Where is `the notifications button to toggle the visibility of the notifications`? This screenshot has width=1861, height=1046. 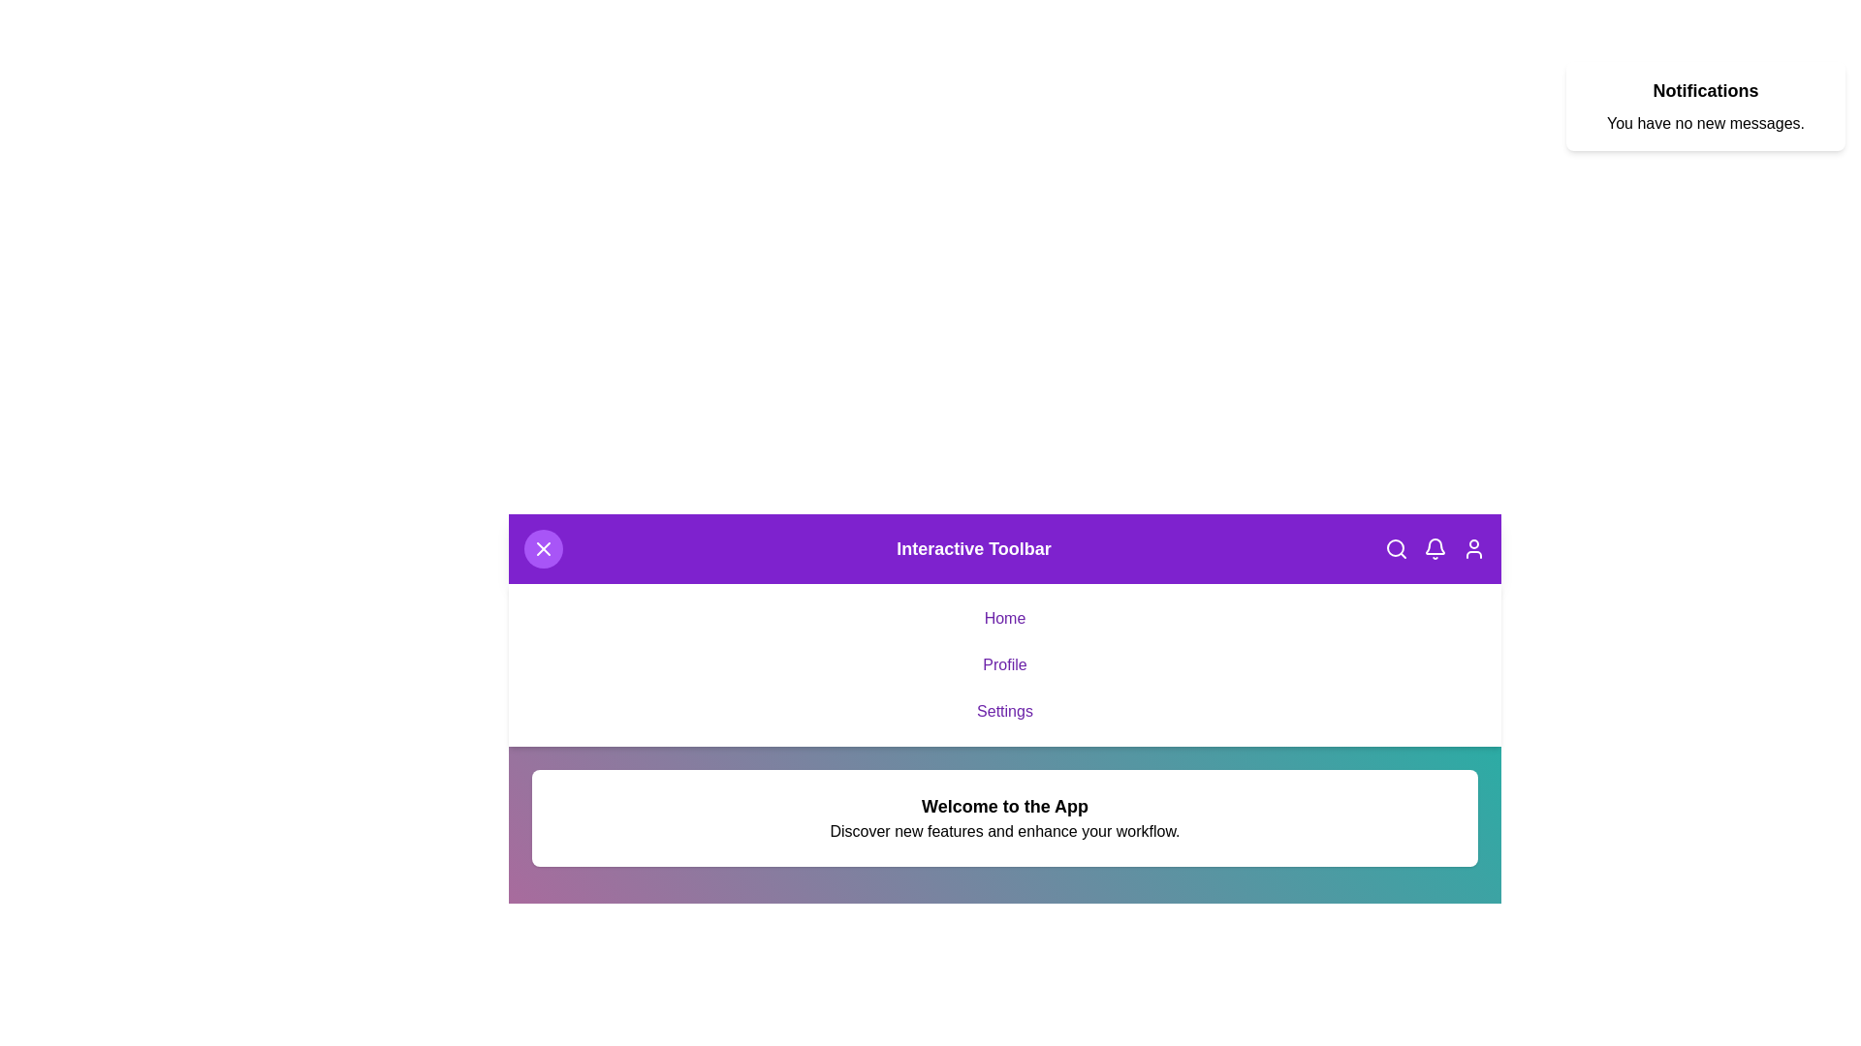 the notifications button to toggle the visibility of the notifications is located at coordinates (1435, 549).